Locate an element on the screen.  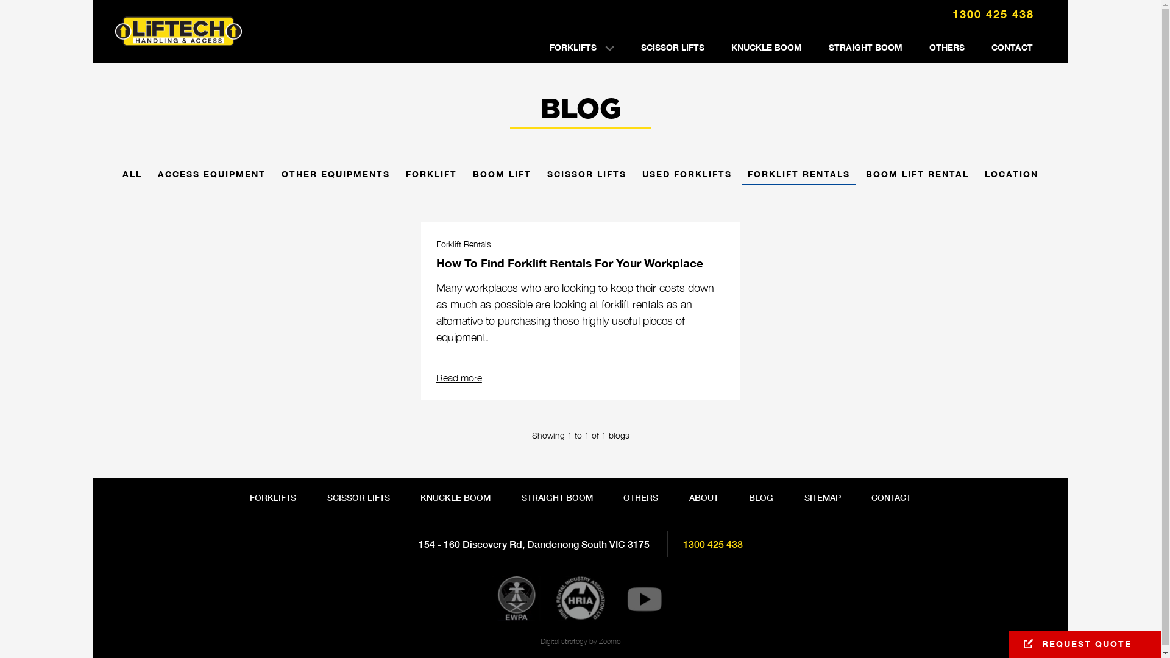
'FORKLIFT' is located at coordinates (431, 176).